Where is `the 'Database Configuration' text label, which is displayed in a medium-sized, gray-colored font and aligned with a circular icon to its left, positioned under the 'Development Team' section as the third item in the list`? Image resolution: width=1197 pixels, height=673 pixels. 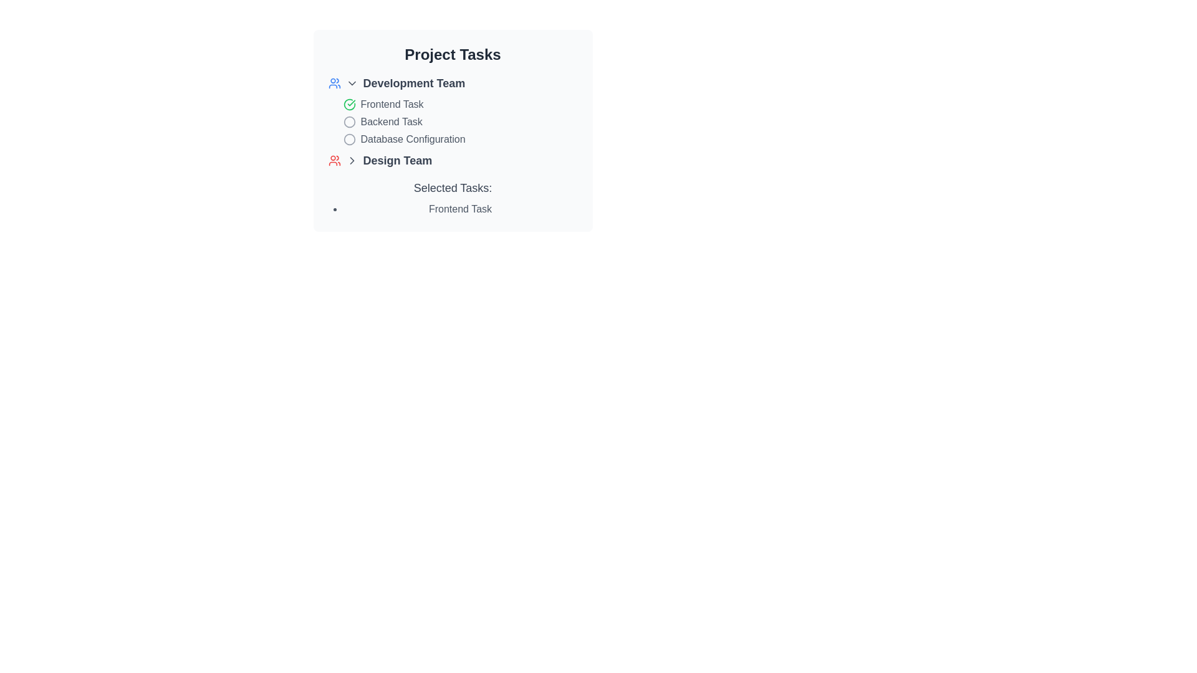
the 'Database Configuration' text label, which is displayed in a medium-sized, gray-colored font and aligned with a circular icon to its left, positioned under the 'Development Team' section as the third item in the list is located at coordinates (413, 139).